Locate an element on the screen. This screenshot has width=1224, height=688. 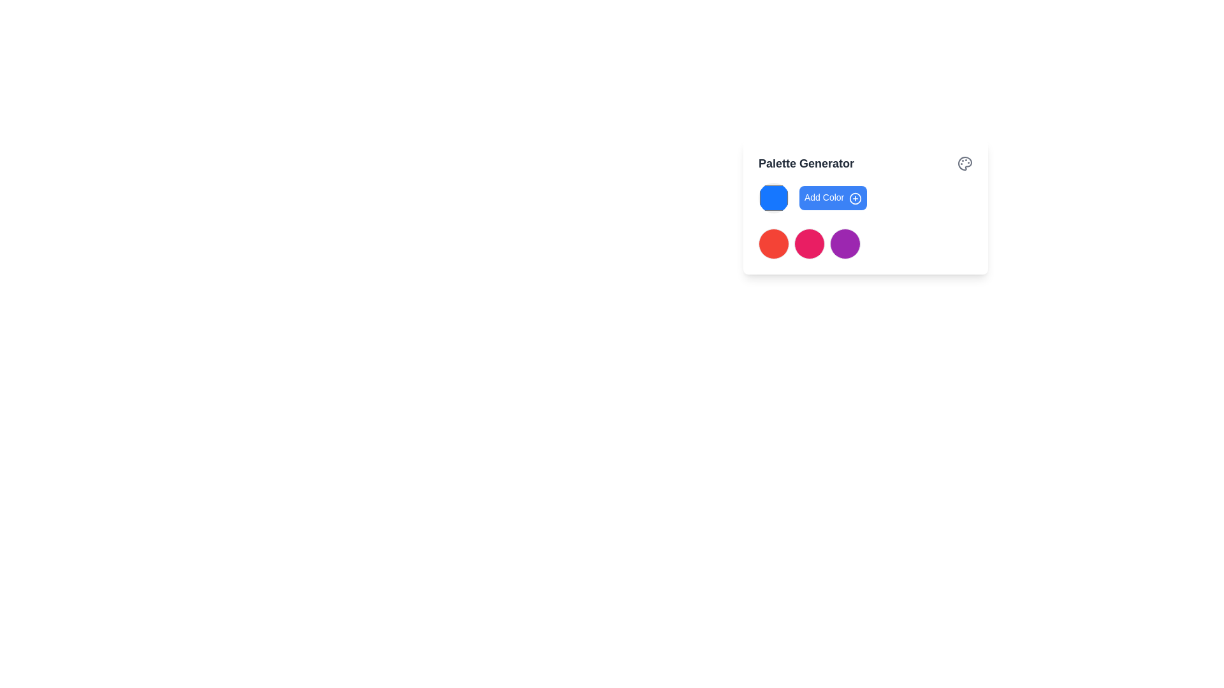
the circular palette icon located at the top-right corner of the white card interface is located at coordinates (965, 163).